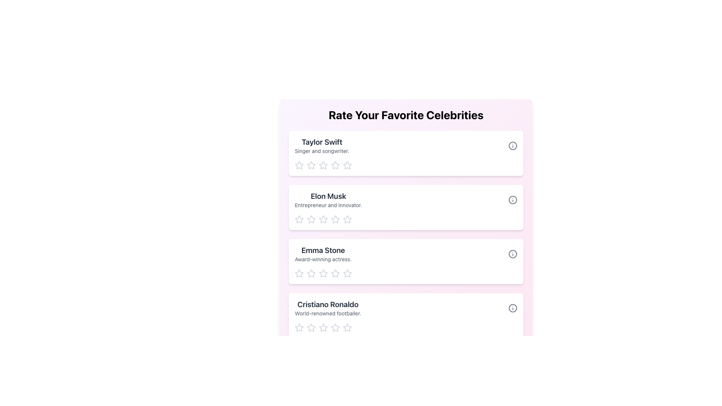 This screenshot has width=722, height=406. Describe the element at coordinates (347, 165) in the screenshot. I see `the fifth interactive star icon in the 5-star rating system for 'Taylor Swift'` at that location.